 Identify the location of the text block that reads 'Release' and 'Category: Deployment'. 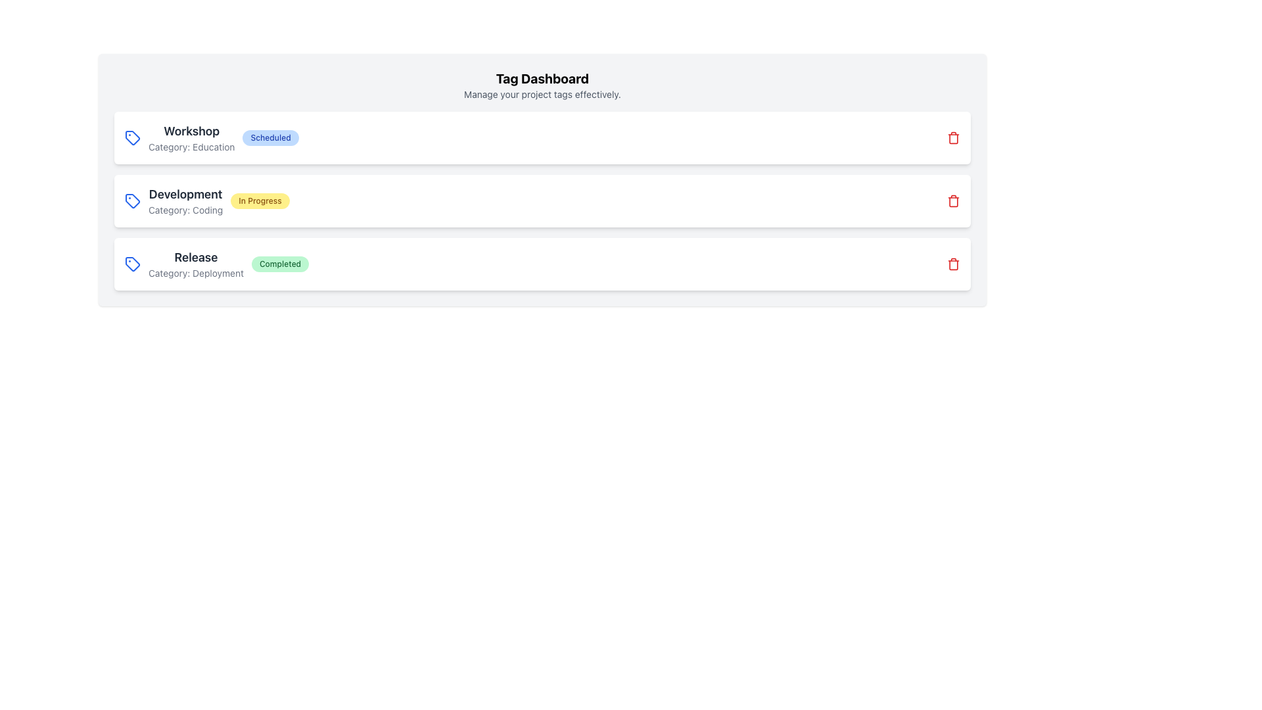
(195, 264).